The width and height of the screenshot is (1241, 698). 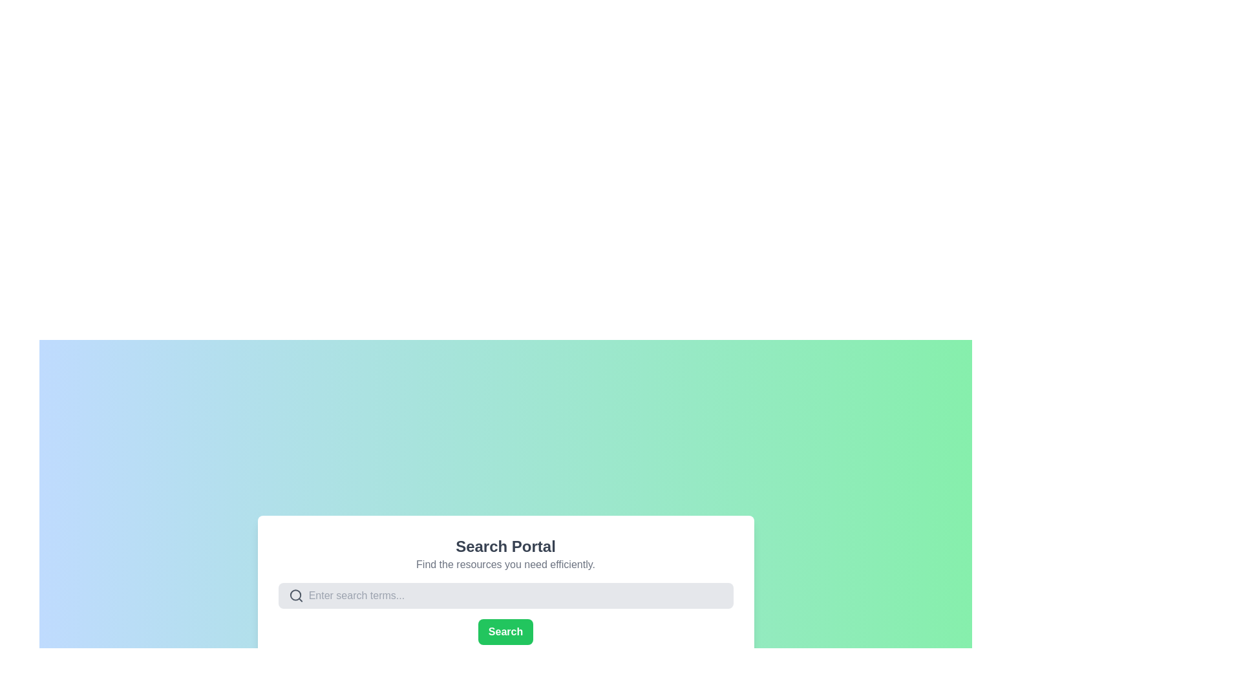 I want to click on the text element that reads 'Find the resources you need efficiently.', which is styled in a smaller, gray-colored font and positioned below the title 'Search Portal' within a white, shadowed card interface, so click(x=505, y=564).